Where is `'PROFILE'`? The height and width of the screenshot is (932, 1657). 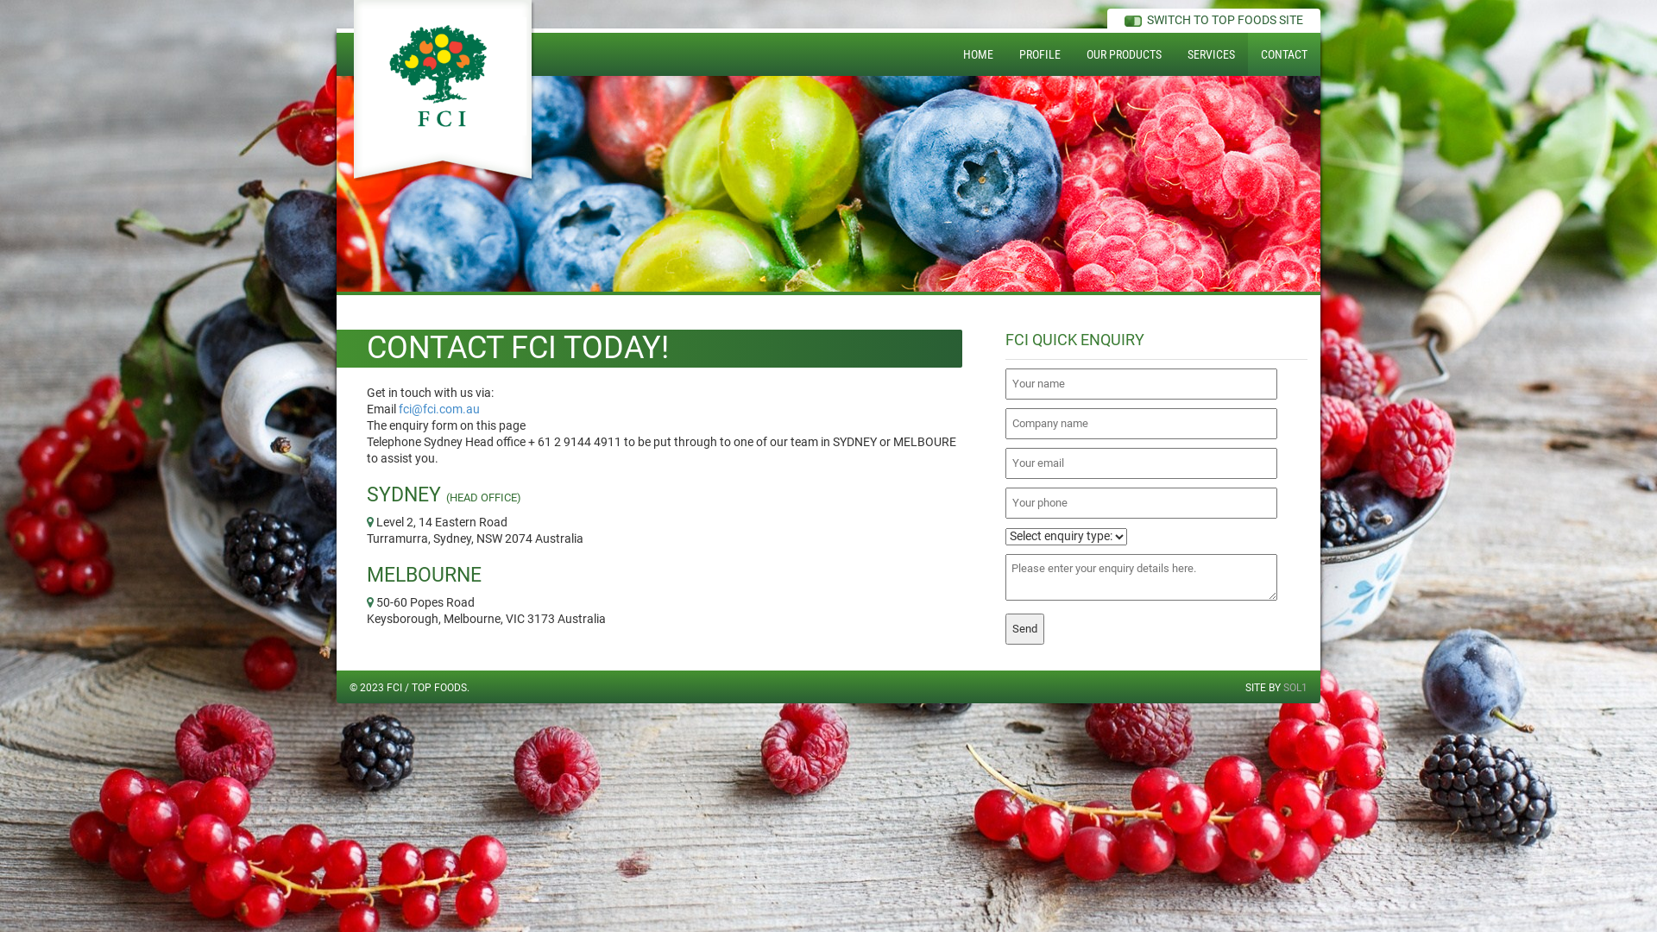
'PROFILE' is located at coordinates (1006, 53).